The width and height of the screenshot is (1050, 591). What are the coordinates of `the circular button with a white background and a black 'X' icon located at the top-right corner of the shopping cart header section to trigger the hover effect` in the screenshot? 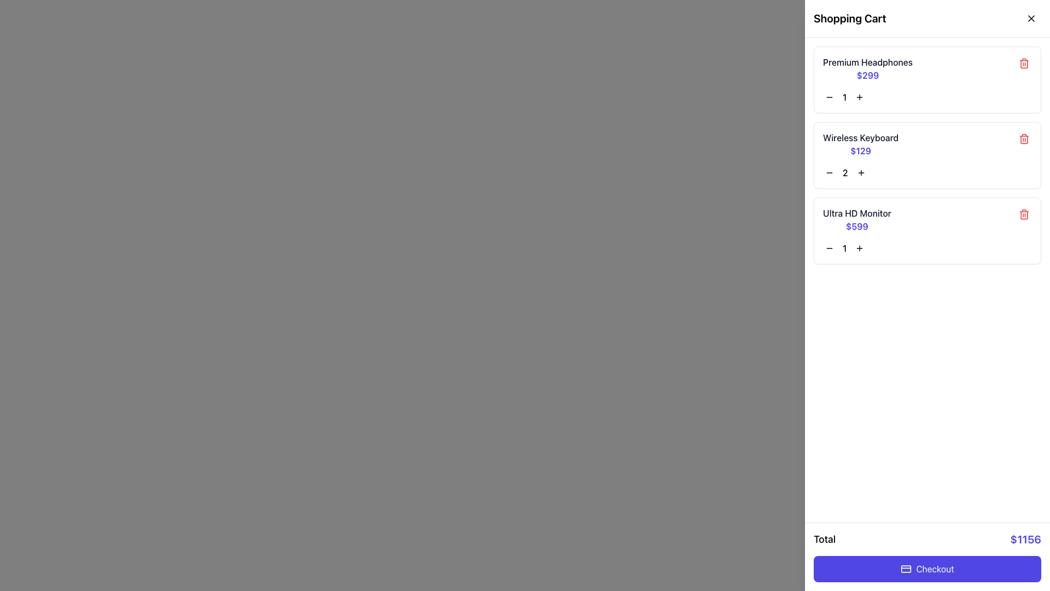 It's located at (1031, 19).